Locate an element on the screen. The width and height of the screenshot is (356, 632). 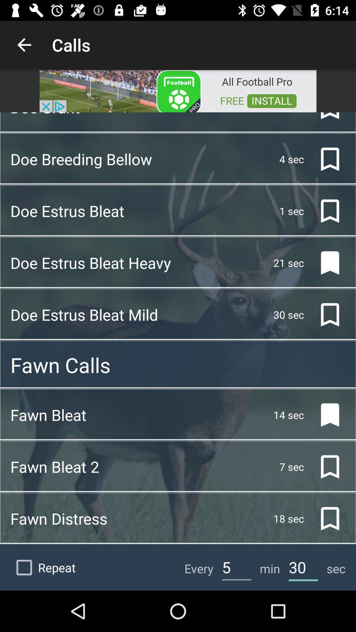
open app is located at coordinates (178, 90).